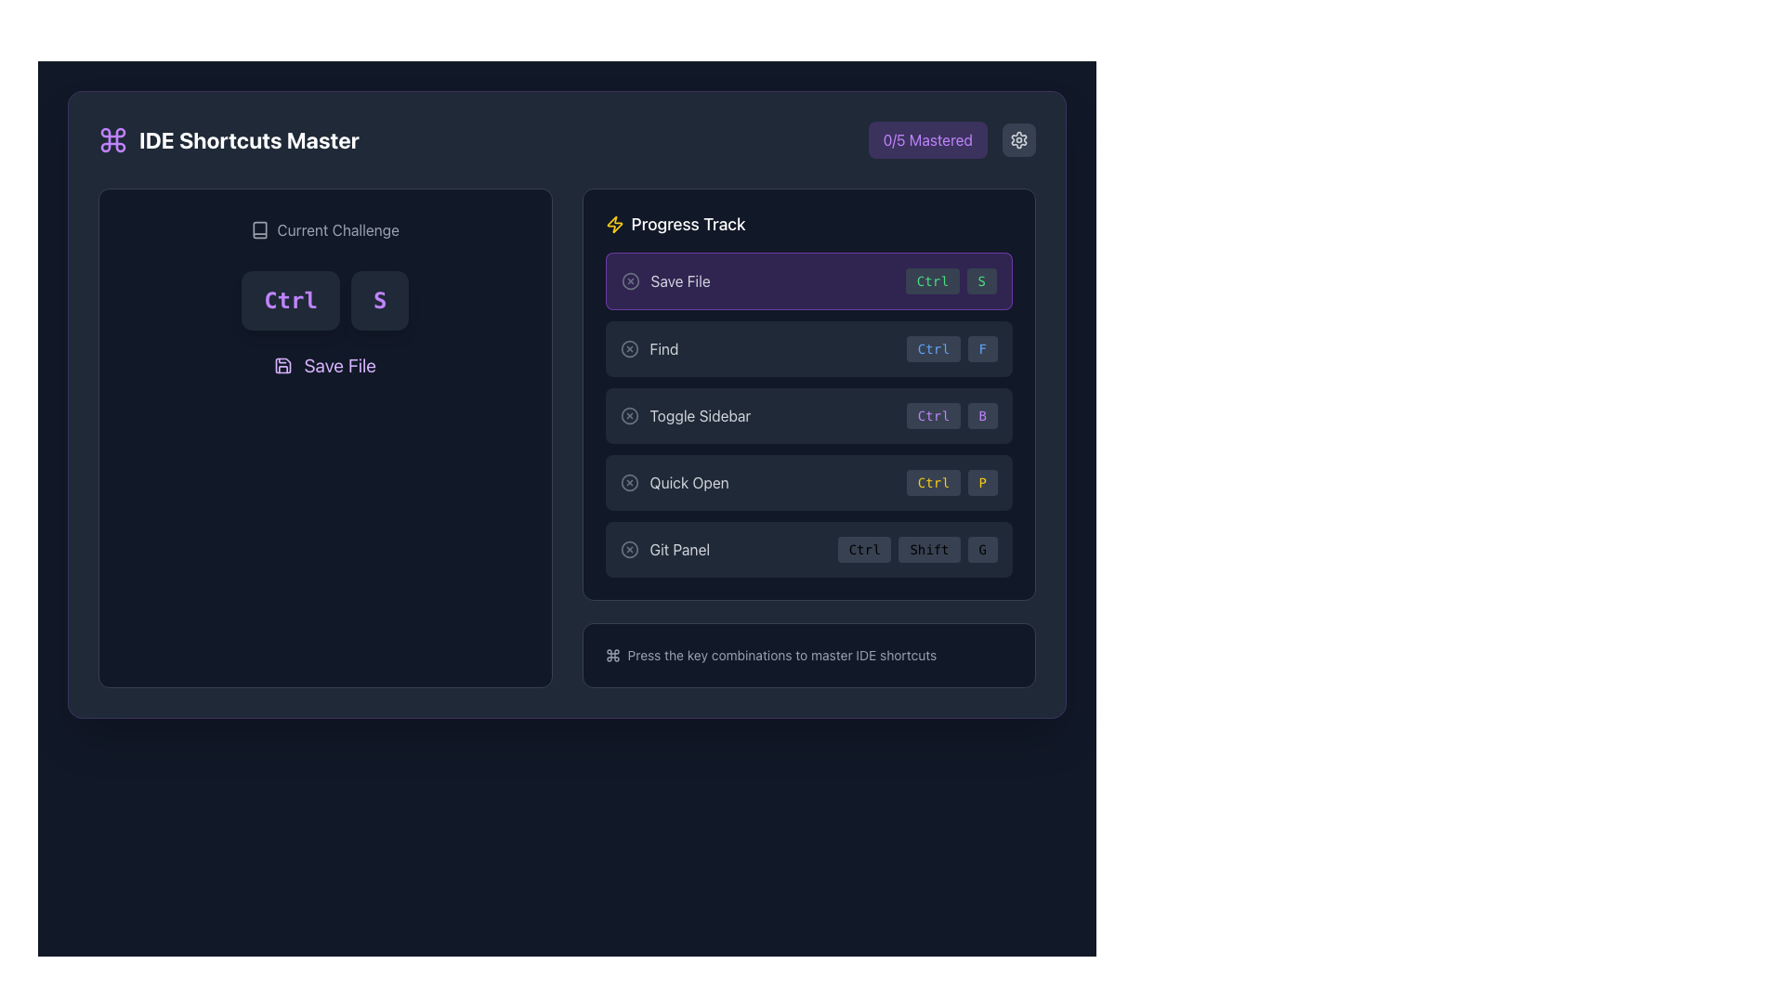  What do you see at coordinates (629, 482) in the screenshot?
I see `the SVG icon styled as a circular frame with a diagonal cross in the center, located in the 'Progress Track' section next to the 'Quick Open' text` at bounding box center [629, 482].